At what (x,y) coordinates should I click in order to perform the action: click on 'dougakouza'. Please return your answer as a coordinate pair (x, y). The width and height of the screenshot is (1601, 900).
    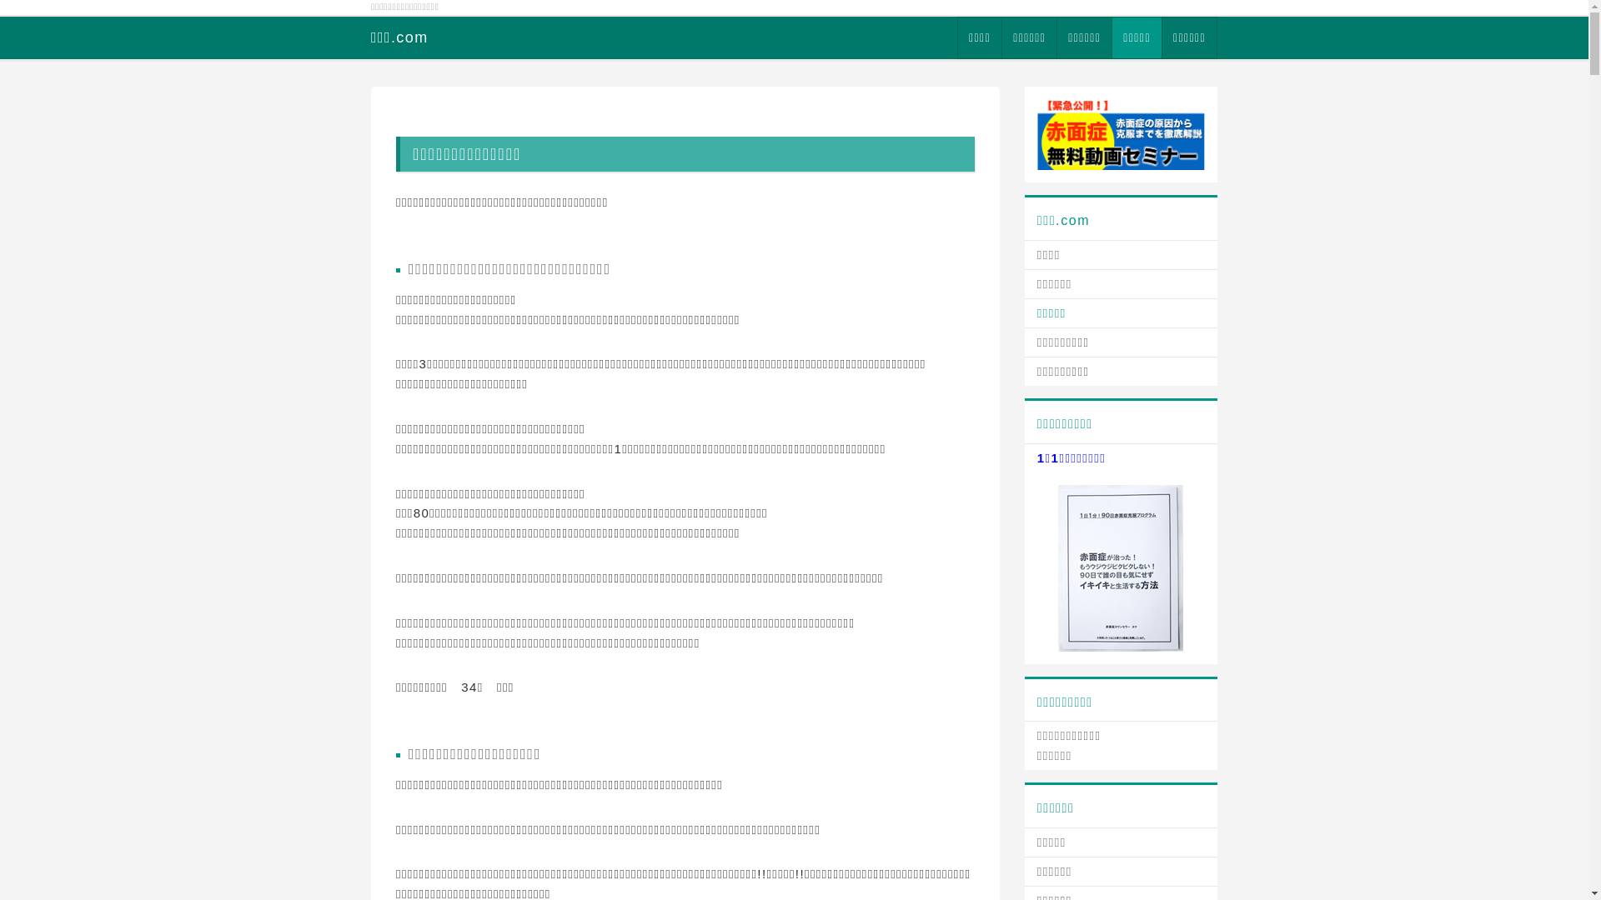
    Looking at the image, I should click on (1121, 132).